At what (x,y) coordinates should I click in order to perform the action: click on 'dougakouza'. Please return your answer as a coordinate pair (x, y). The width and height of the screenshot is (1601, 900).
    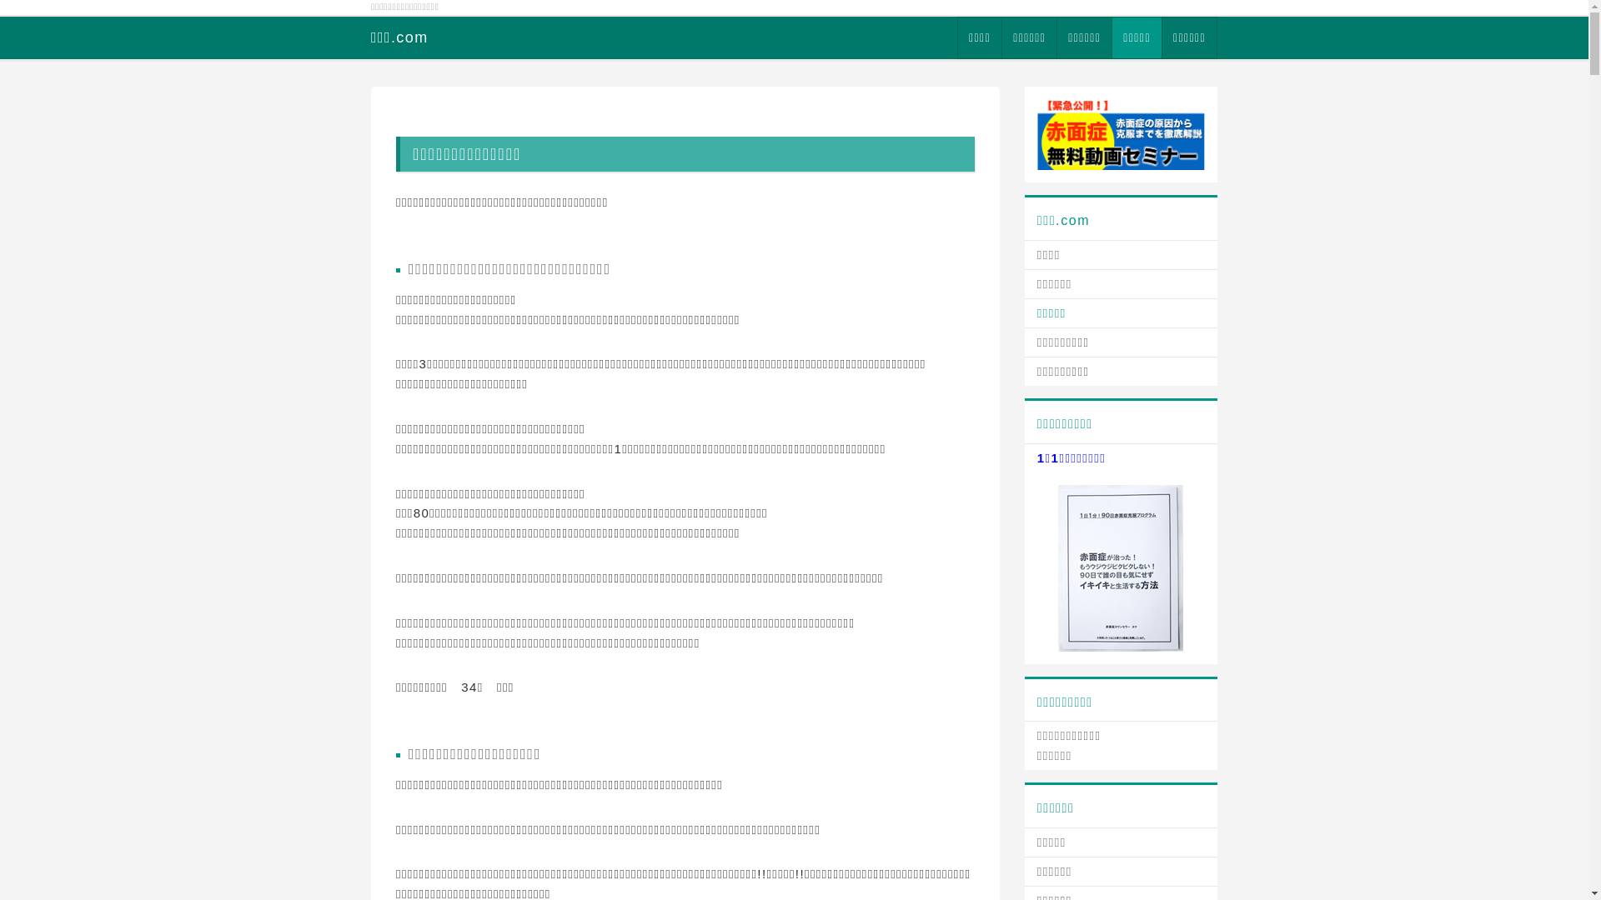
    Looking at the image, I should click on (1121, 132).